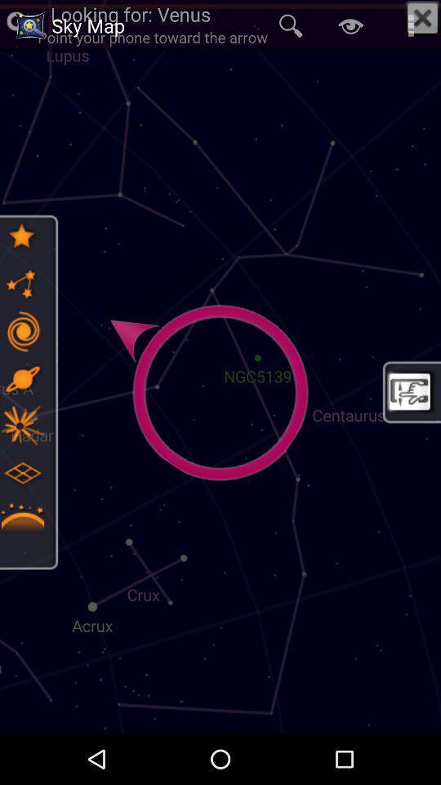 The image size is (441, 785). I want to click on the national_flag icon, so click(21, 424).